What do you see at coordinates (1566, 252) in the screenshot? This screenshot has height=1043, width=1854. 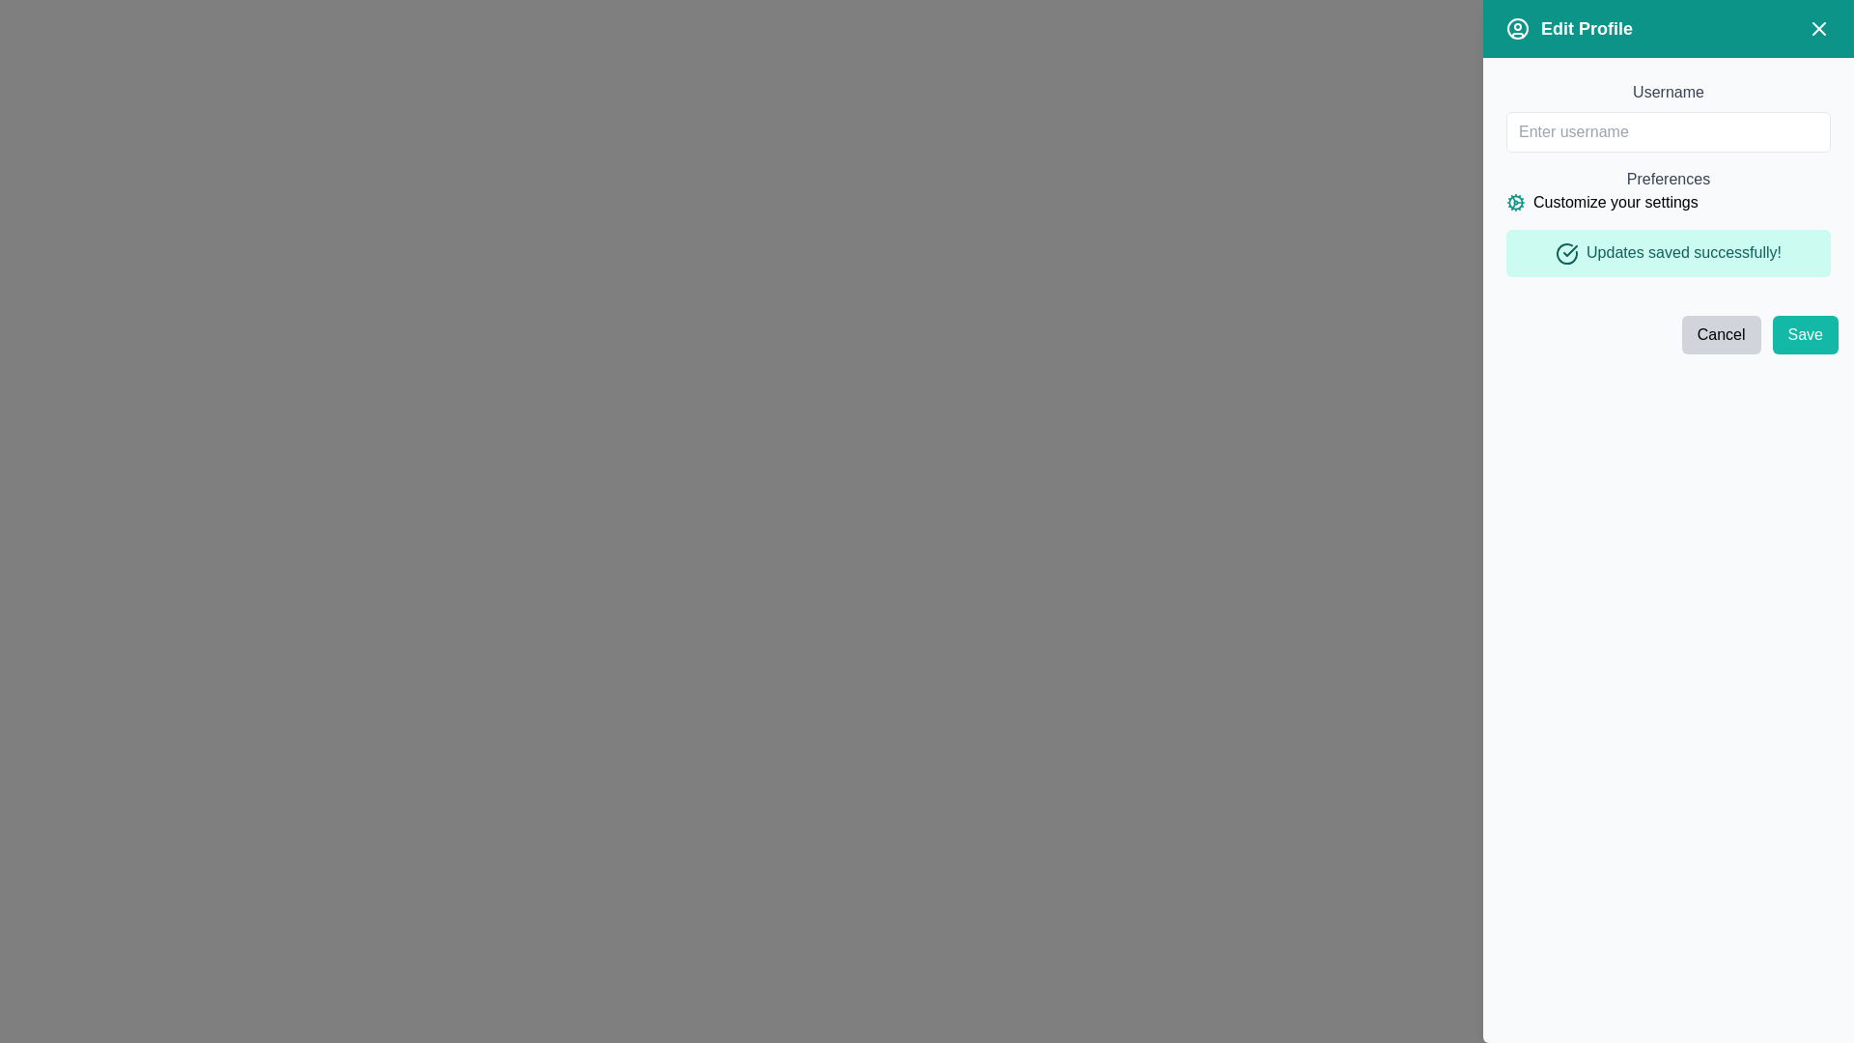 I see `the circular arc segment of the check icon located in the green notification bar labeled 'Updates saved successfully!'` at bounding box center [1566, 252].